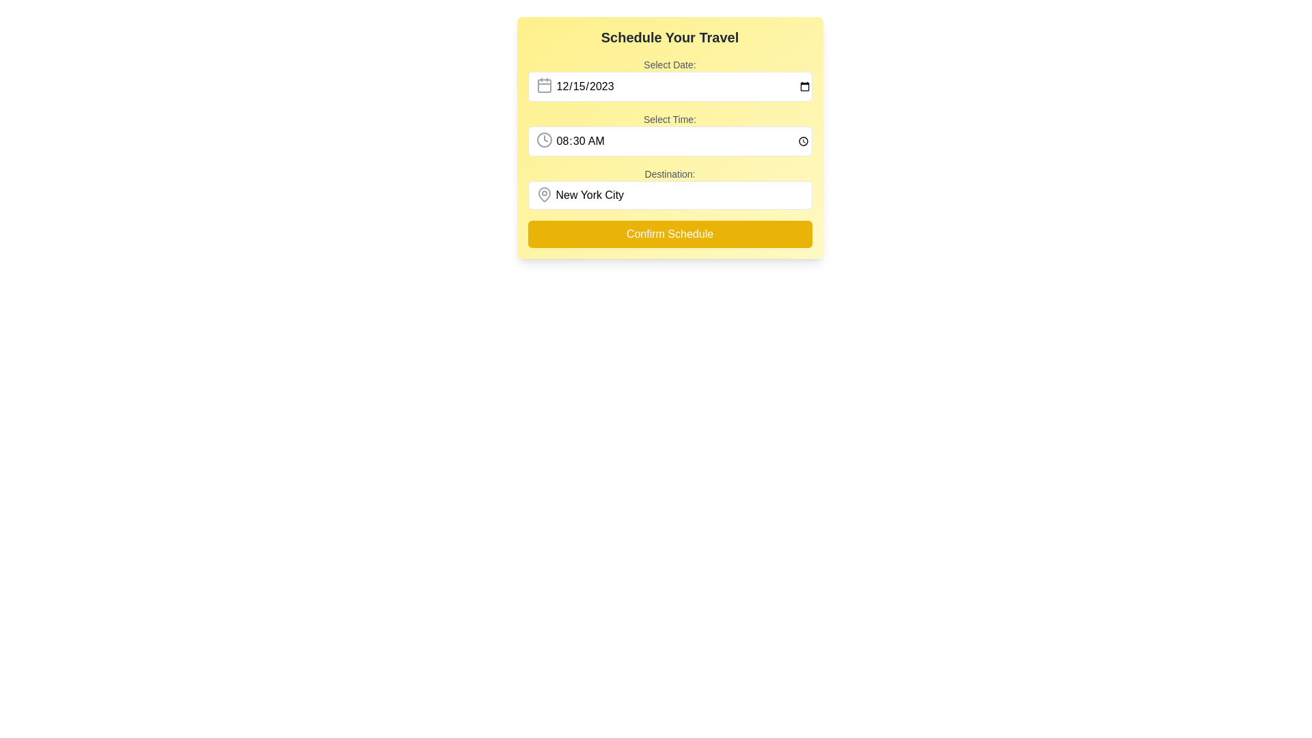  What do you see at coordinates (543, 139) in the screenshot?
I see `the clock icon that indicates the time input field in the 'Select Time' section, located to the left of the input displaying '08:30 AM'` at bounding box center [543, 139].